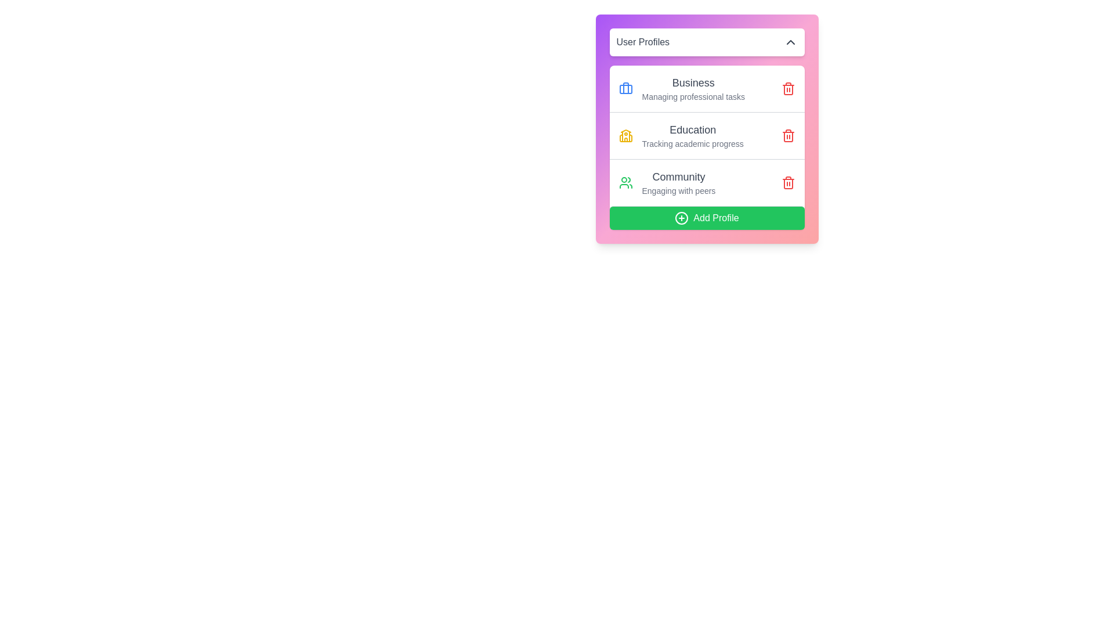  What do you see at coordinates (625, 135) in the screenshot?
I see `the small yellow schoolhouse icon that represents the Education category, located to the left of the text 'Education Tracking academic progress' in the User Profiles panel` at bounding box center [625, 135].